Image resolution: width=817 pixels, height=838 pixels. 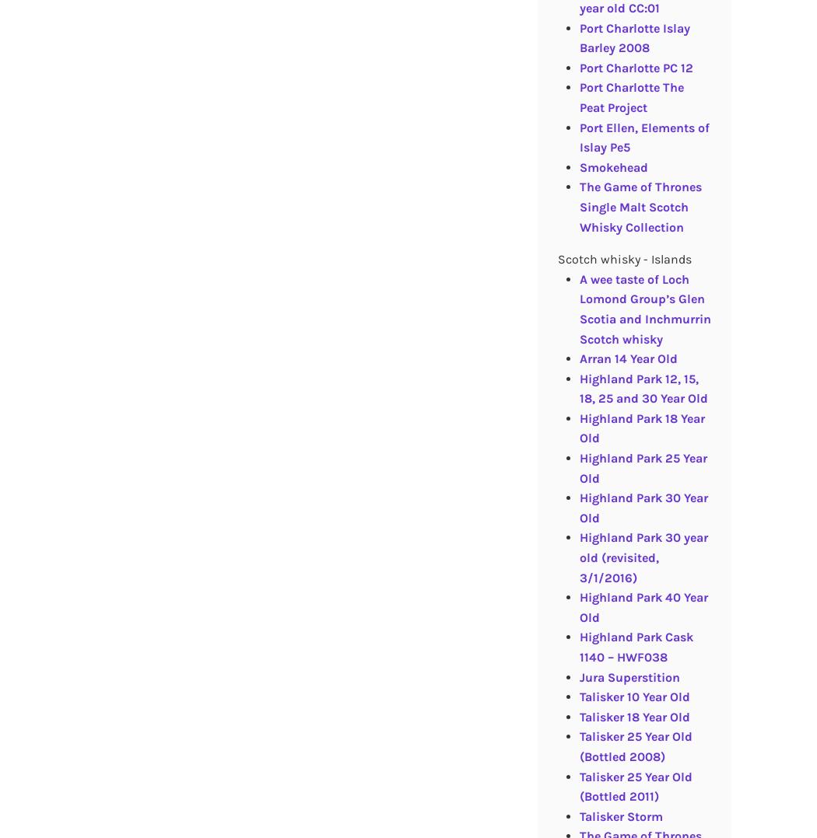 I want to click on 'Scotch whisky - Islands', so click(x=622, y=258).